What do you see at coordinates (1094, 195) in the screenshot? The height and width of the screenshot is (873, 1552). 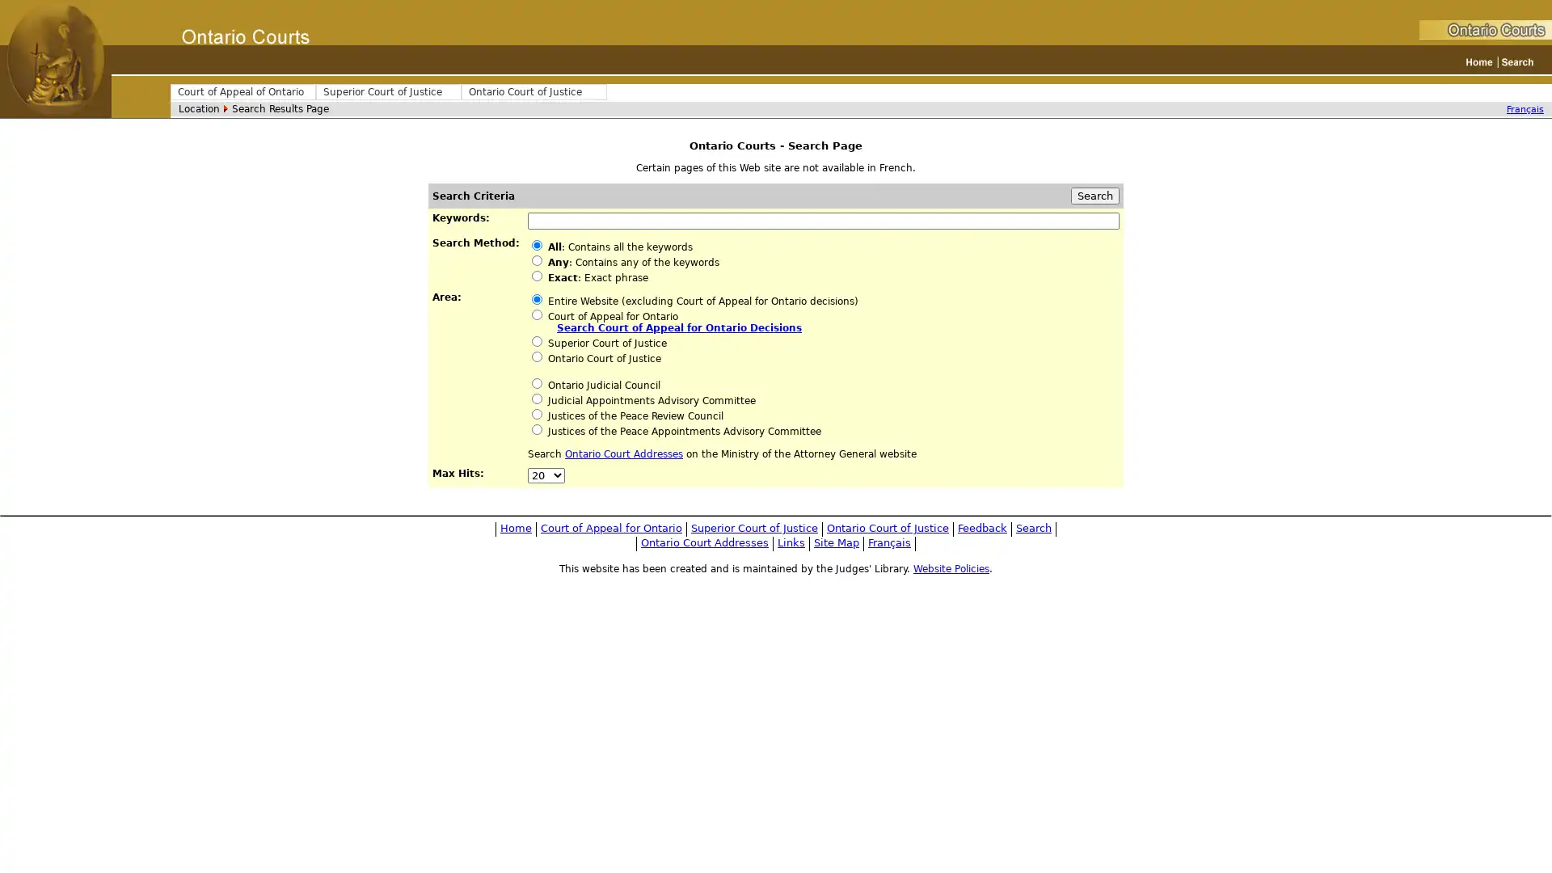 I see `Search` at bounding box center [1094, 195].